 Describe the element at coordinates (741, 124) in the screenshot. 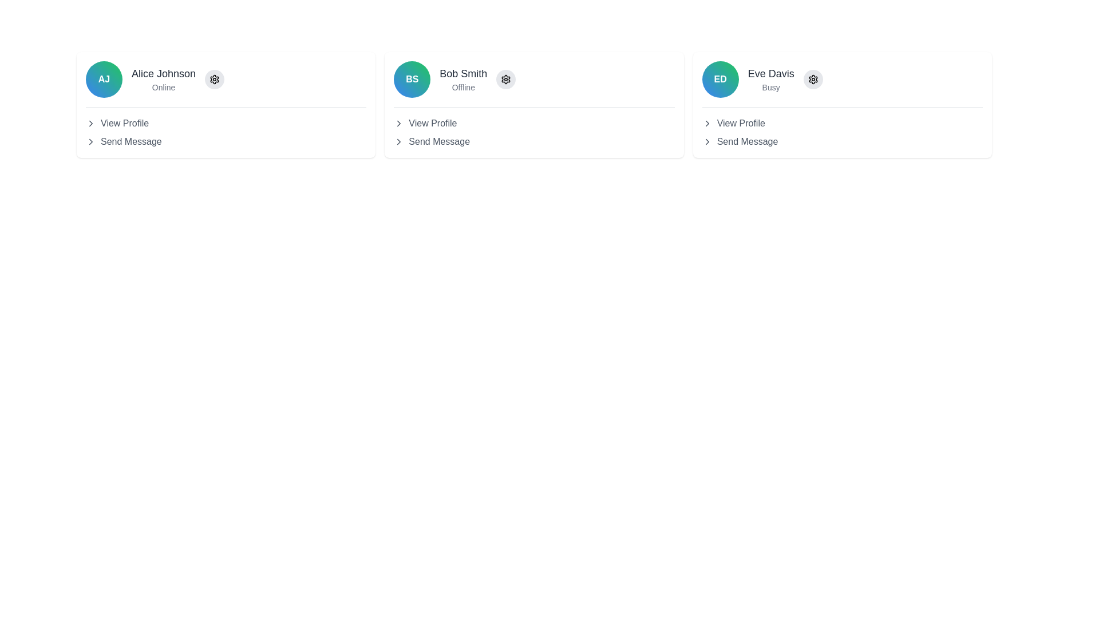

I see `the text link under the name 'Eve Davis' in the rightmost user profile card` at that location.